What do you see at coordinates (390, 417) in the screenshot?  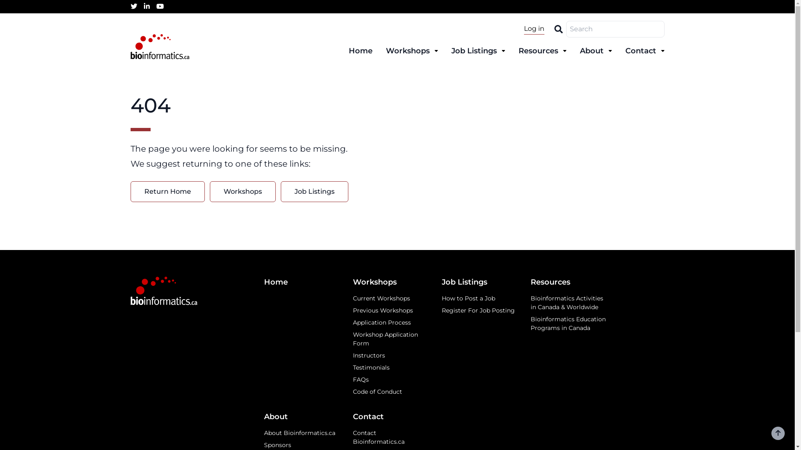 I see `'Contact'` at bounding box center [390, 417].